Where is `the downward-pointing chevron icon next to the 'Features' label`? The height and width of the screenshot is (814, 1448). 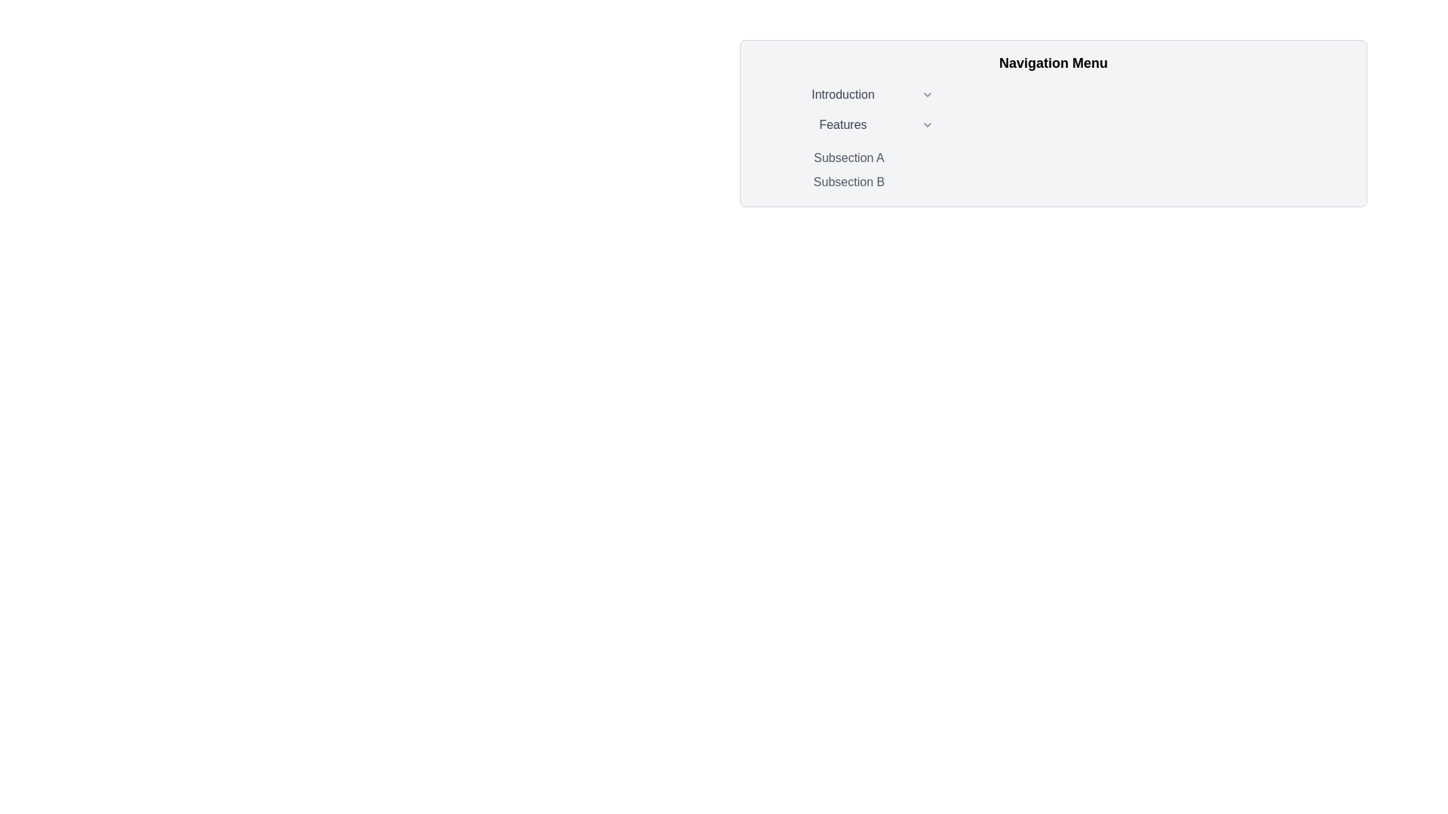
the downward-pointing chevron icon next to the 'Features' label is located at coordinates (926, 124).